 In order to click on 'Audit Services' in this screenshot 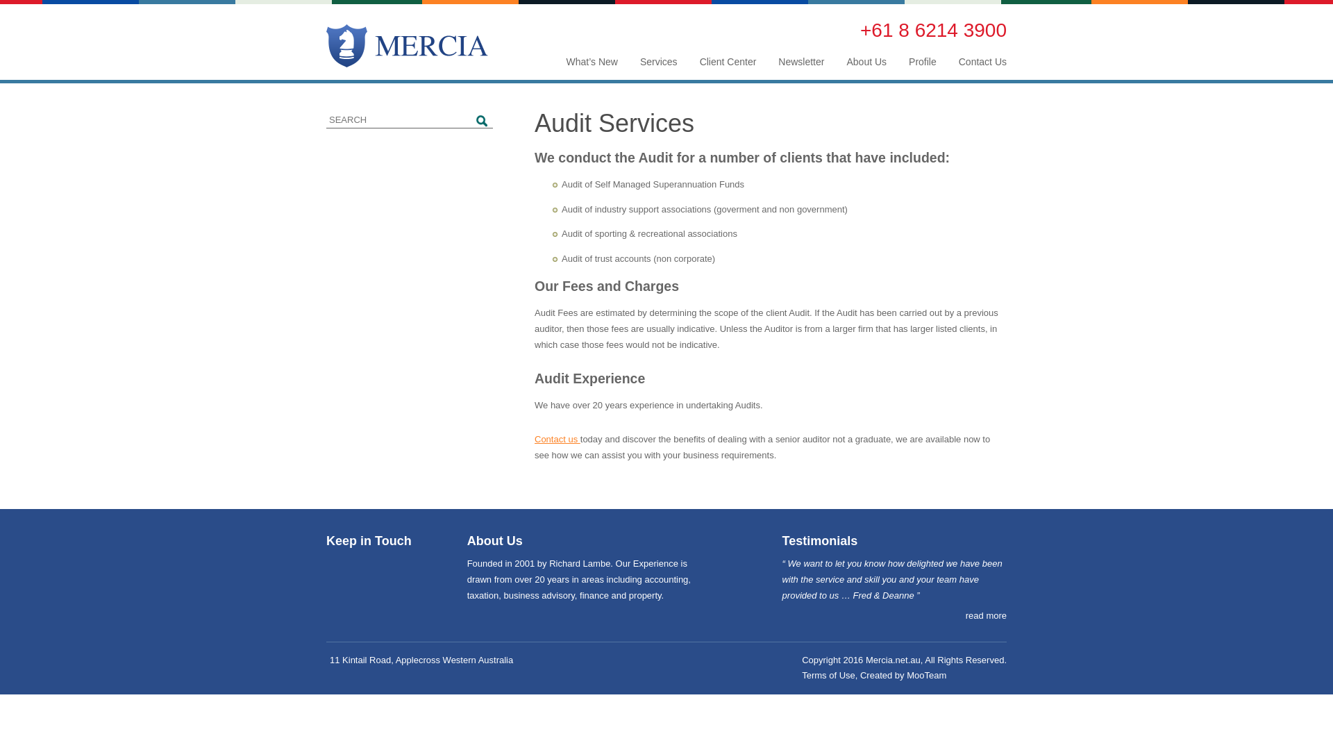, I will do `click(533, 122)`.